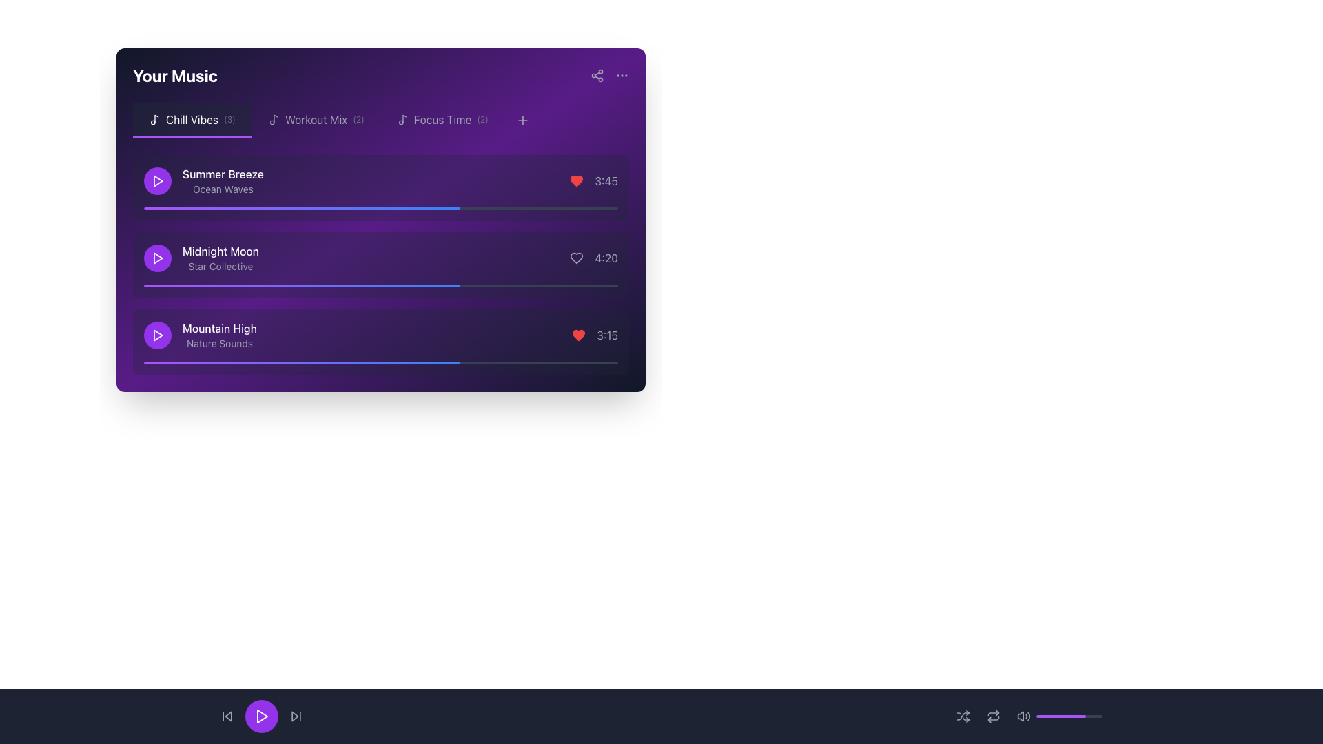  Describe the element at coordinates (158, 335) in the screenshot. I see `the circular purple button with a white play icon to play the track 'Mountain High - Nature Sounds'` at that location.